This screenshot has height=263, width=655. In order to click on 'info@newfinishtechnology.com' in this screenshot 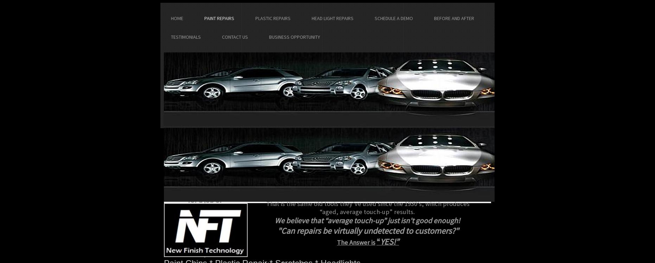, I will do `click(202, 176)`.